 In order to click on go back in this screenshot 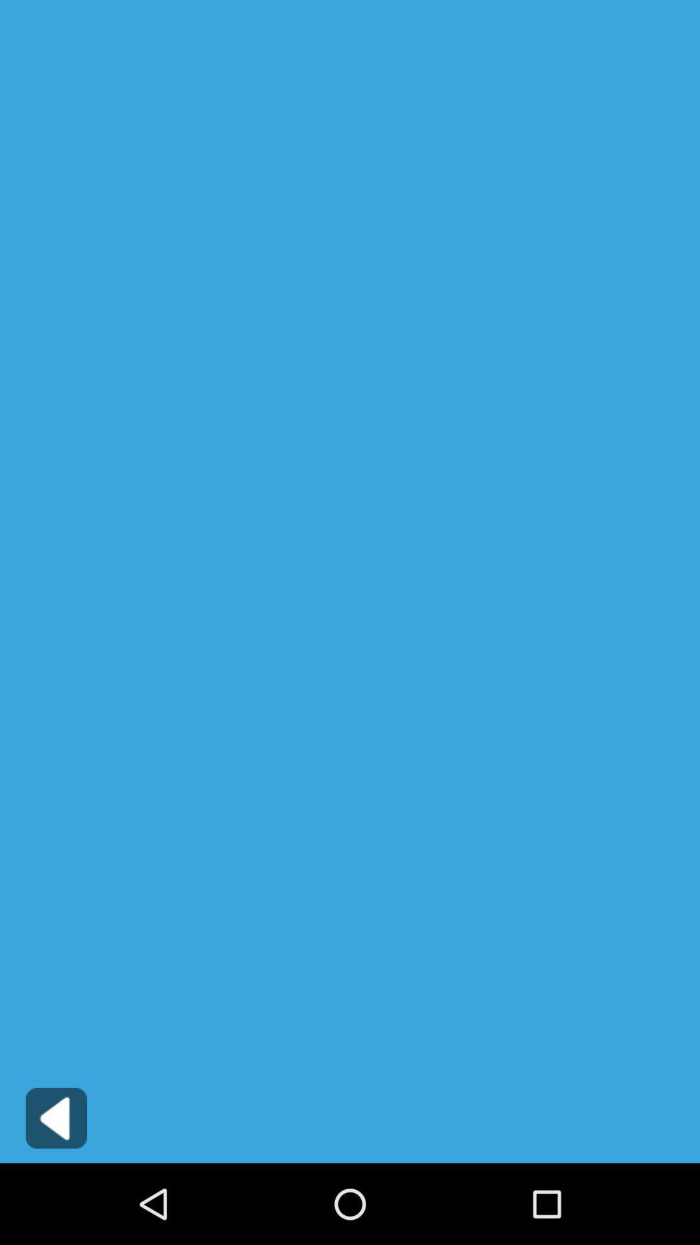, I will do `click(56, 1117)`.